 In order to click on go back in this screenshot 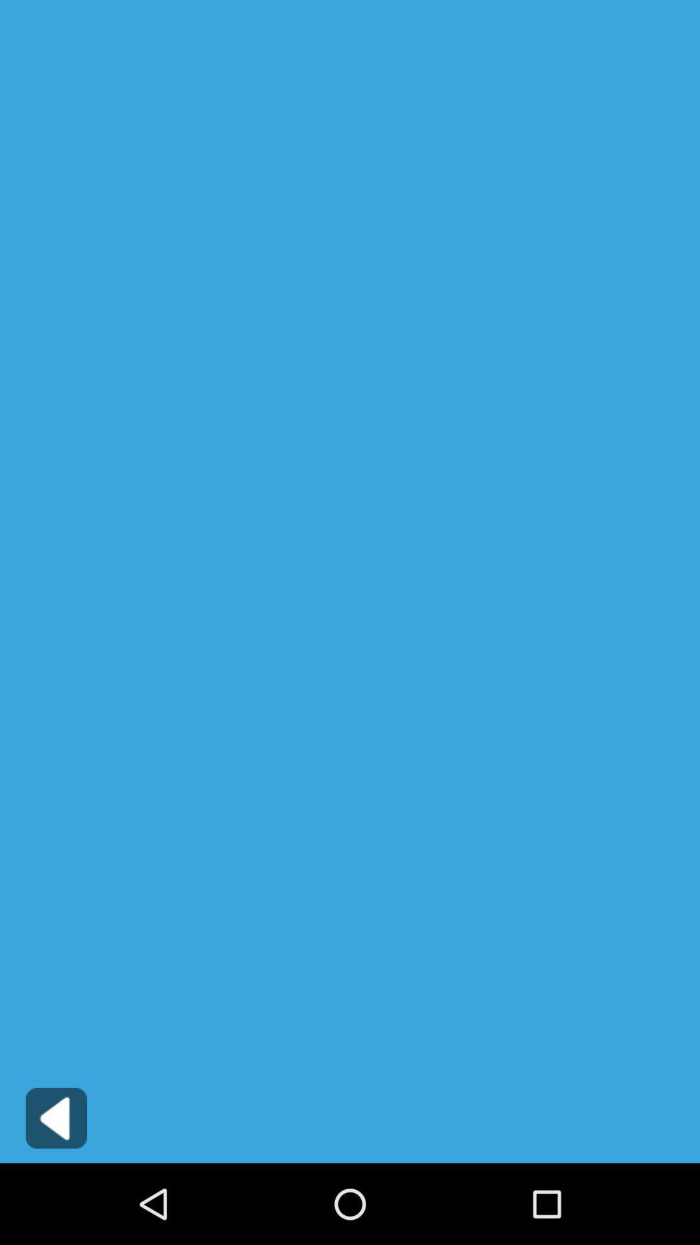, I will do `click(56, 1117)`.